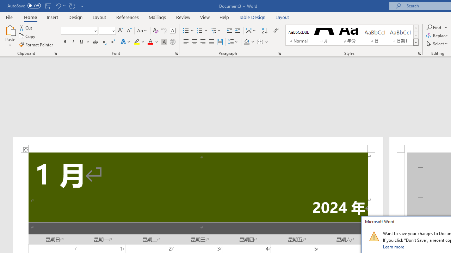  I want to click on 'Clear Formatting', so click(155, 30).